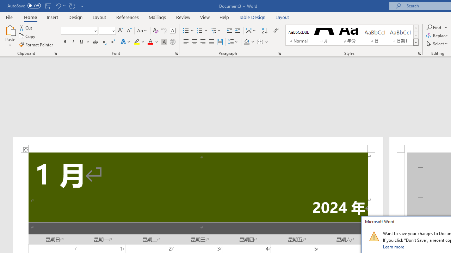  I want to click on 'Clear Formatting', so click(155, 30).